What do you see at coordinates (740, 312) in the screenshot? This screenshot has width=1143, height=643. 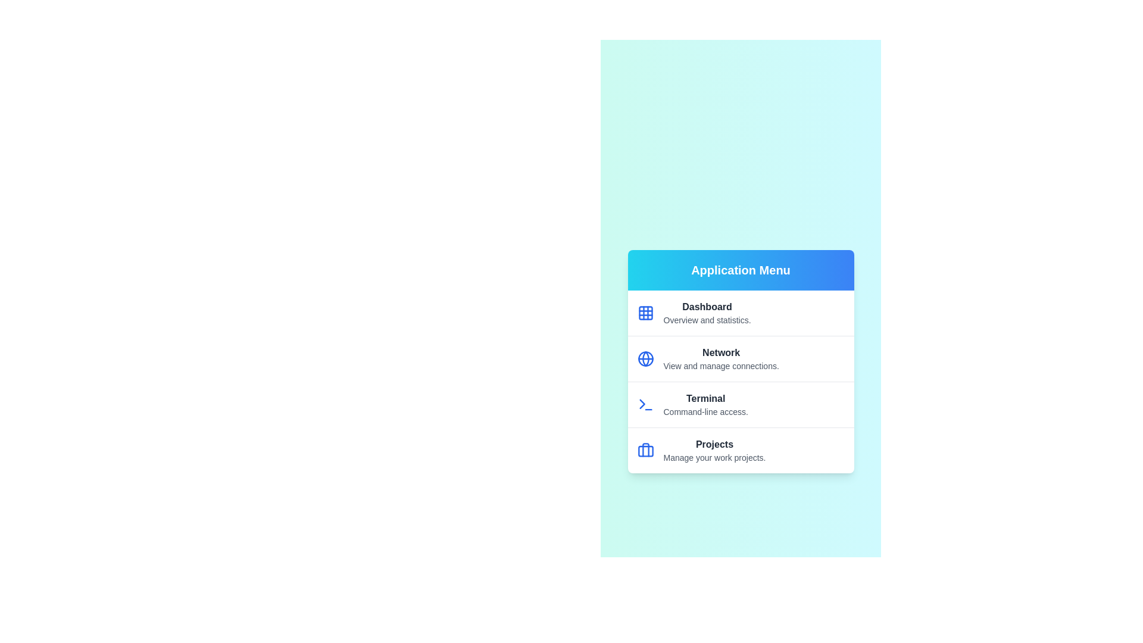 I see `the menu item corresponding to Dashboard` at bounding box center [740, 312].